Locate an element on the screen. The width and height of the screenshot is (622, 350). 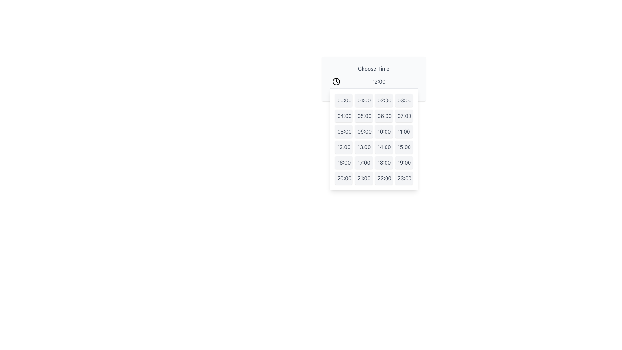
the rounded rectangular badge labeled '15:00' is located at coordinates (403, 147).